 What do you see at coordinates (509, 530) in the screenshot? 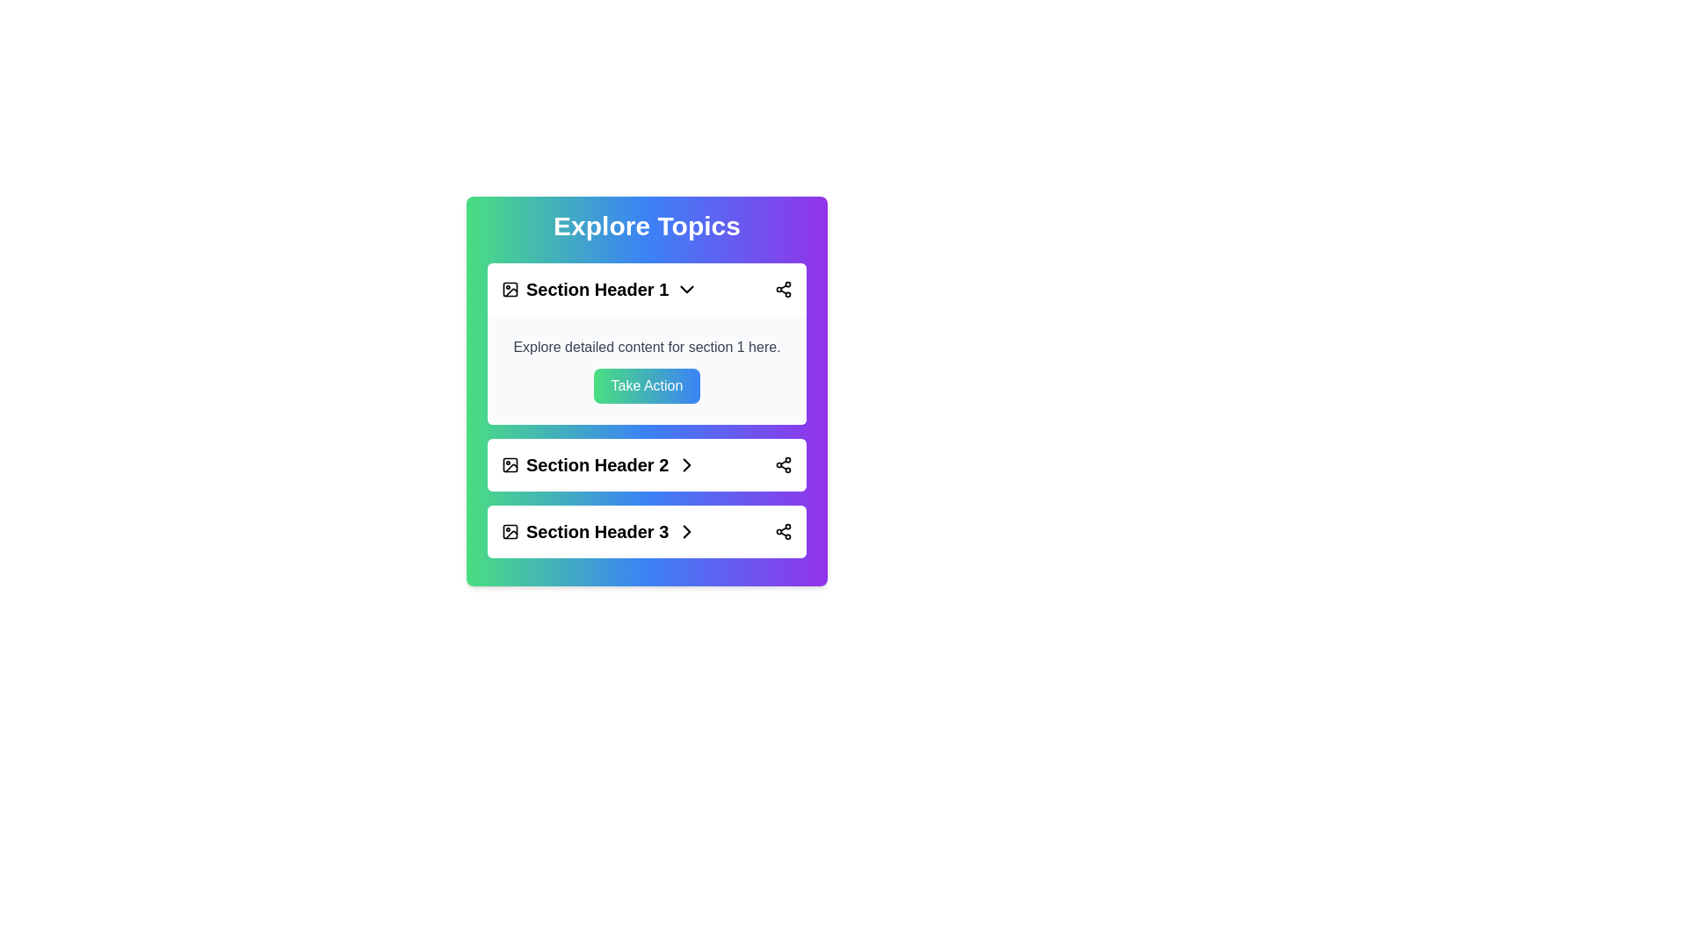
I see `the square icon with rounded corners located in the 'Explore Topics' section, associated with 'Section Header 3', to the left of the text` at bounding box center [509, 530].